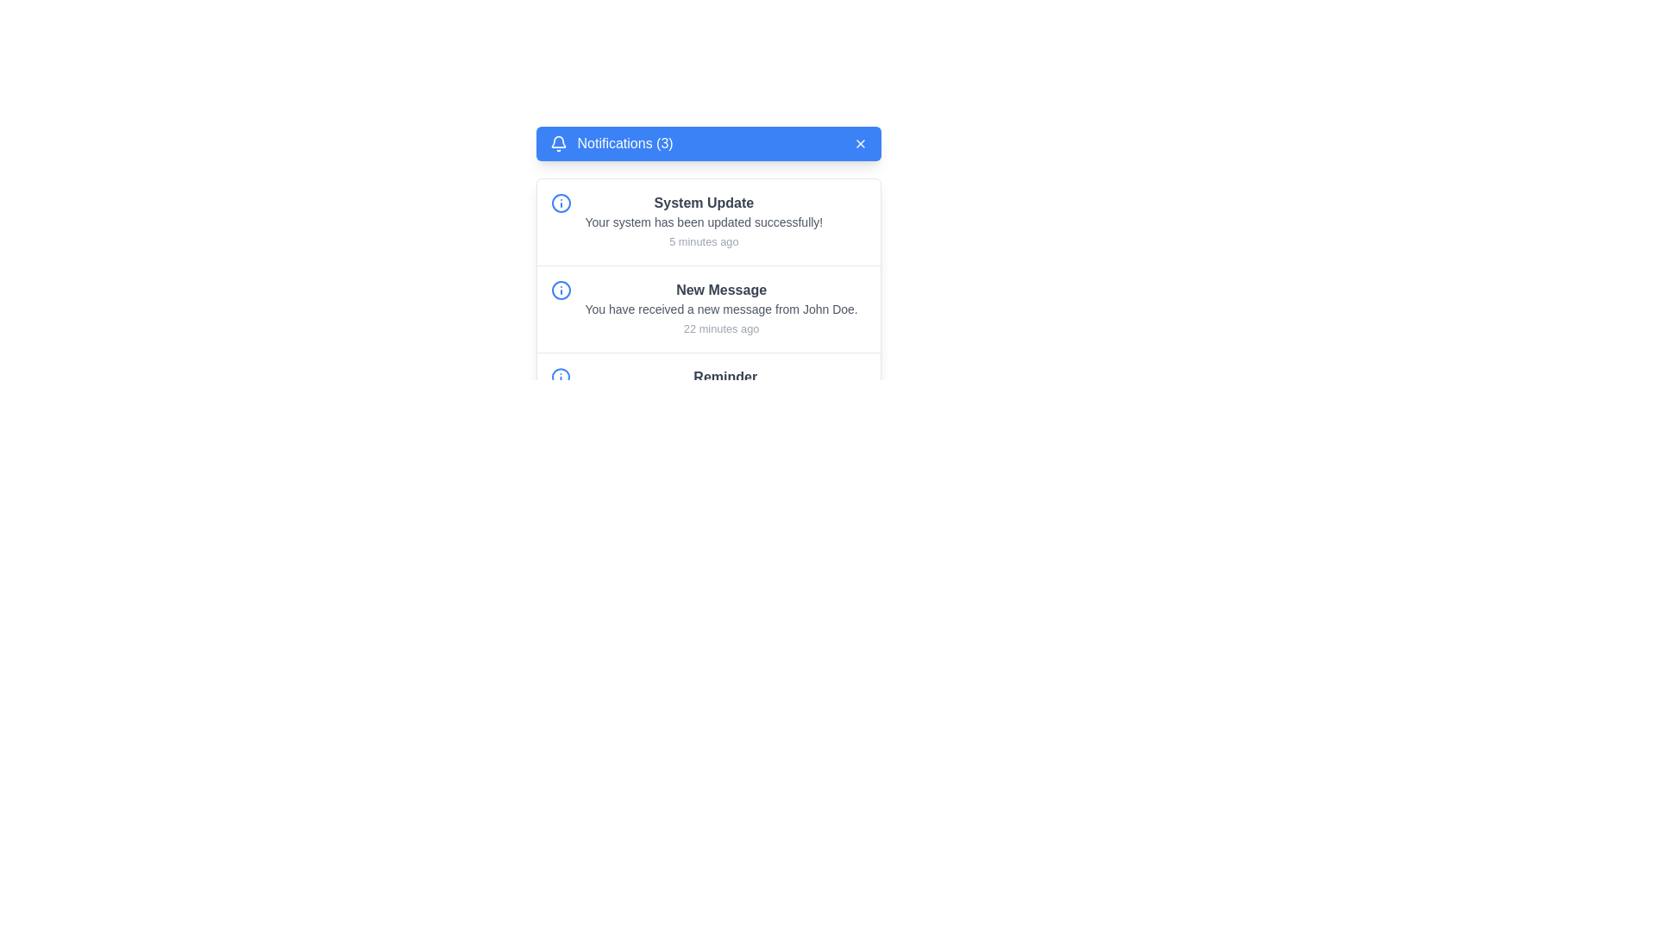 This screenshot has width=1656, height=931. What do you see at coordinates (624, 142) in the screenshot?
I see `the informational text element displaying 'Notifications (3)' which indicates unread notifications, located at the top-left of the interface` at bounding box center [624, 142].